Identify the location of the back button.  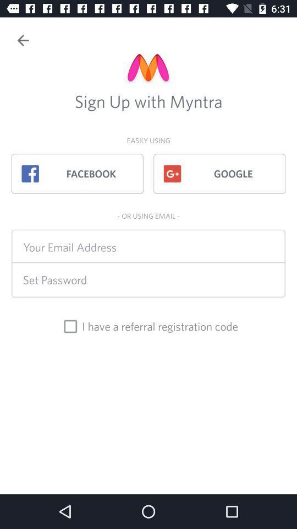
(23, 41).